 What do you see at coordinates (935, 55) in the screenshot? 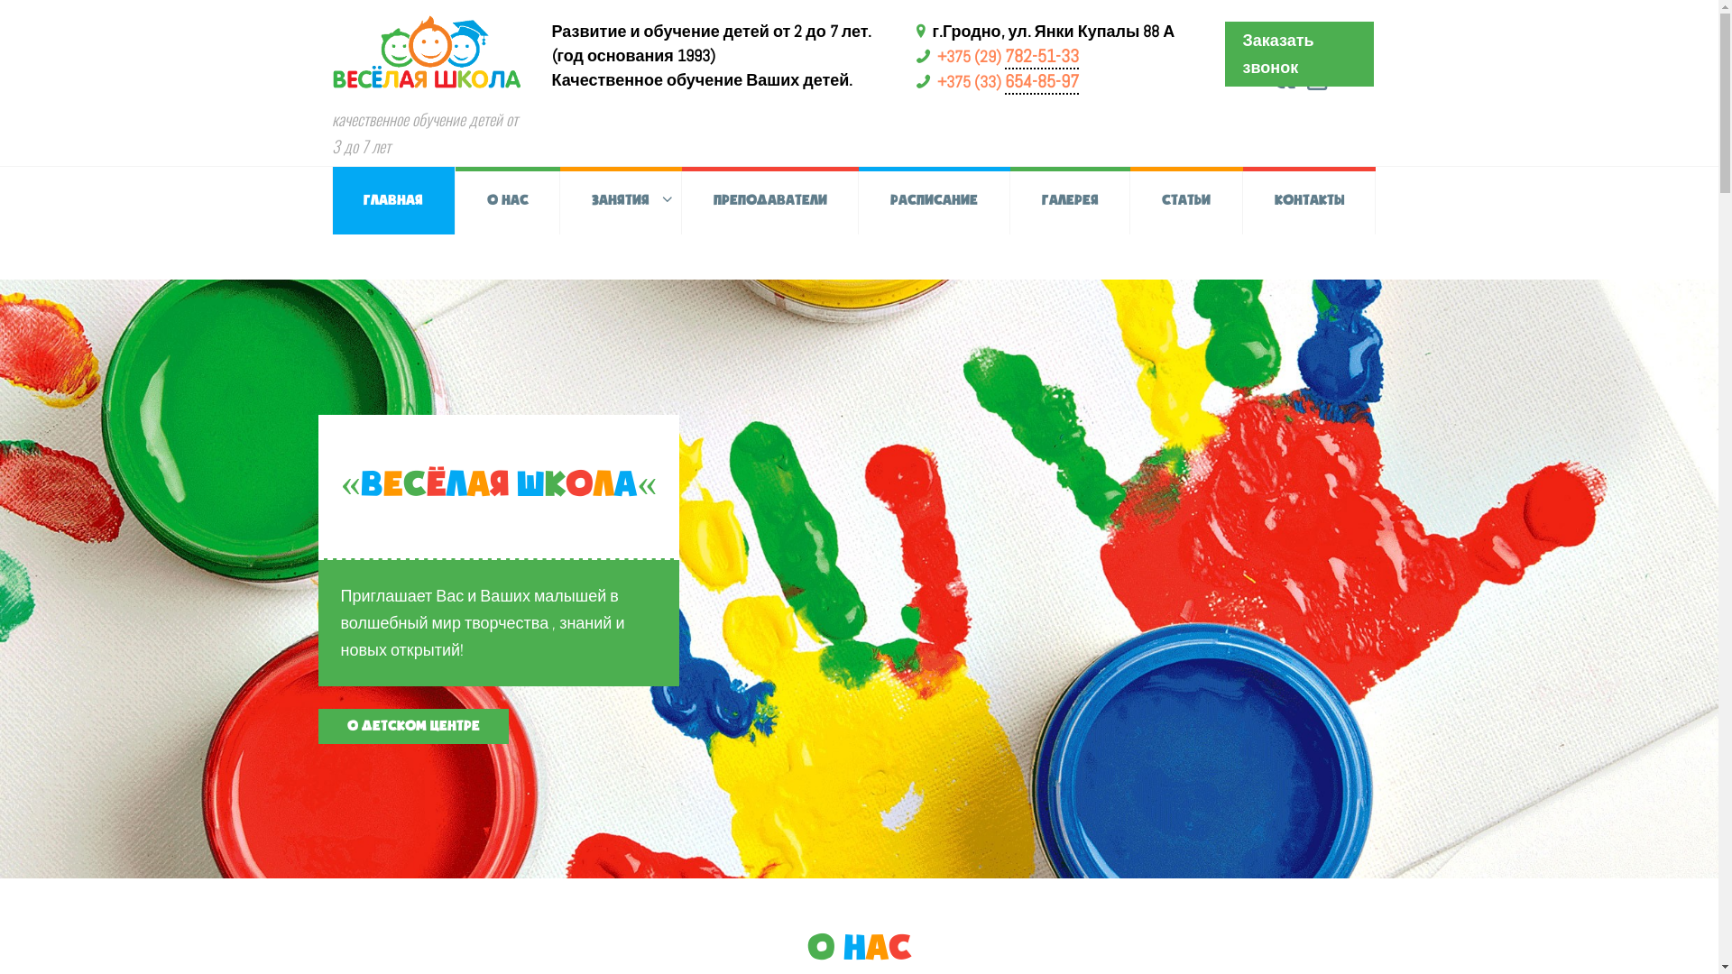
I see `'+375 (29) 782-51-33'` at bounding box center [935, 55].